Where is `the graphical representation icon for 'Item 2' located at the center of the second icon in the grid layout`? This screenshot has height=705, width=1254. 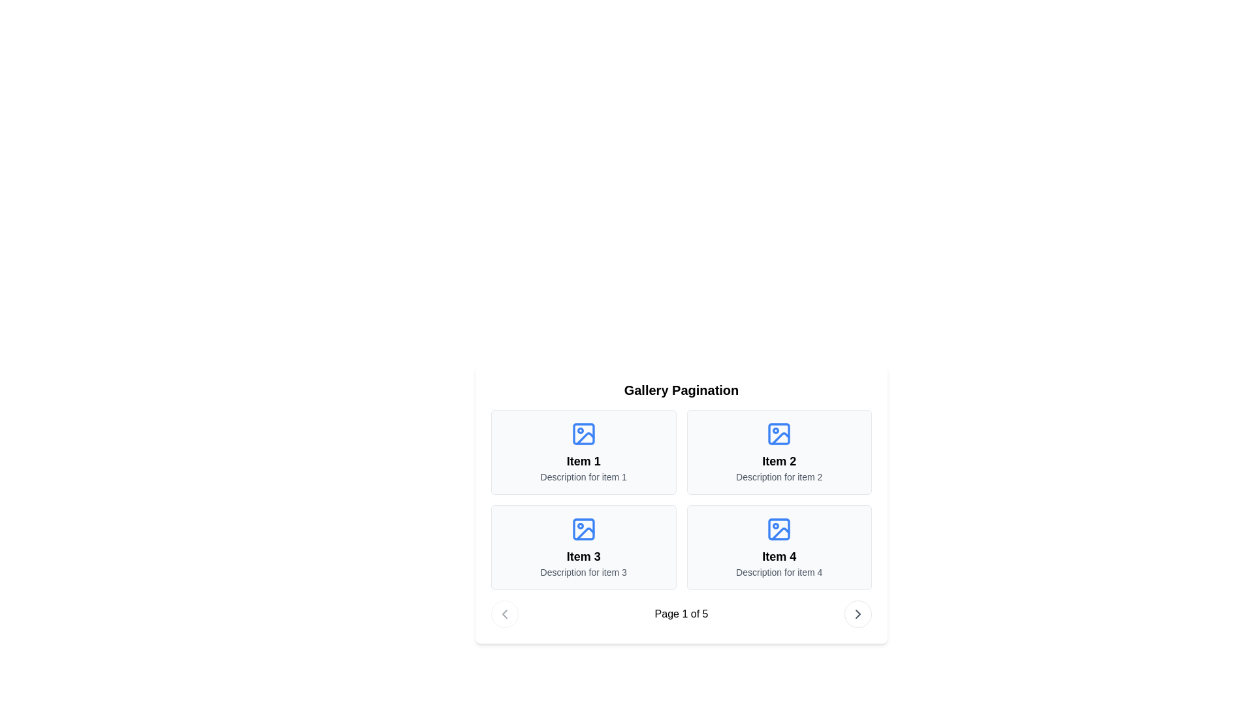 the graphical representation icon for 'Item 2' located at the center of the second icon in the grid layout is located at coordinates (779, 433).